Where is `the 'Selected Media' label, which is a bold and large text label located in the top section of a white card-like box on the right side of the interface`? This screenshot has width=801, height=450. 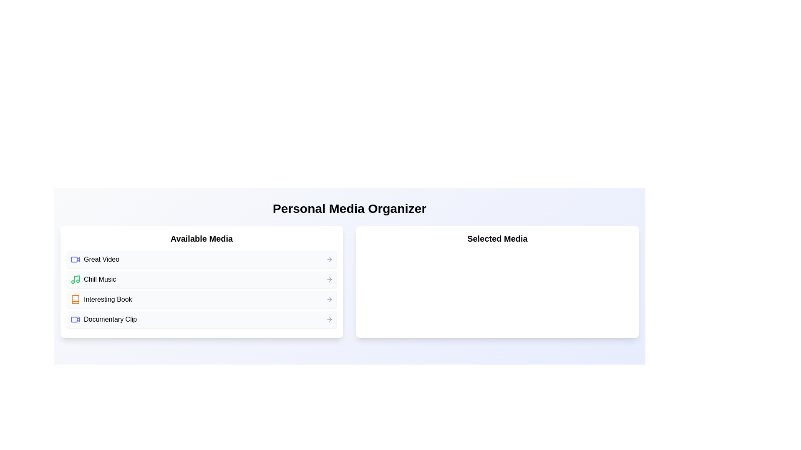 the 'Selected Media' label, which is a bold and large text label located in the top section of a white card-like box on the right side of the interface is located at coordinates (497, 239).